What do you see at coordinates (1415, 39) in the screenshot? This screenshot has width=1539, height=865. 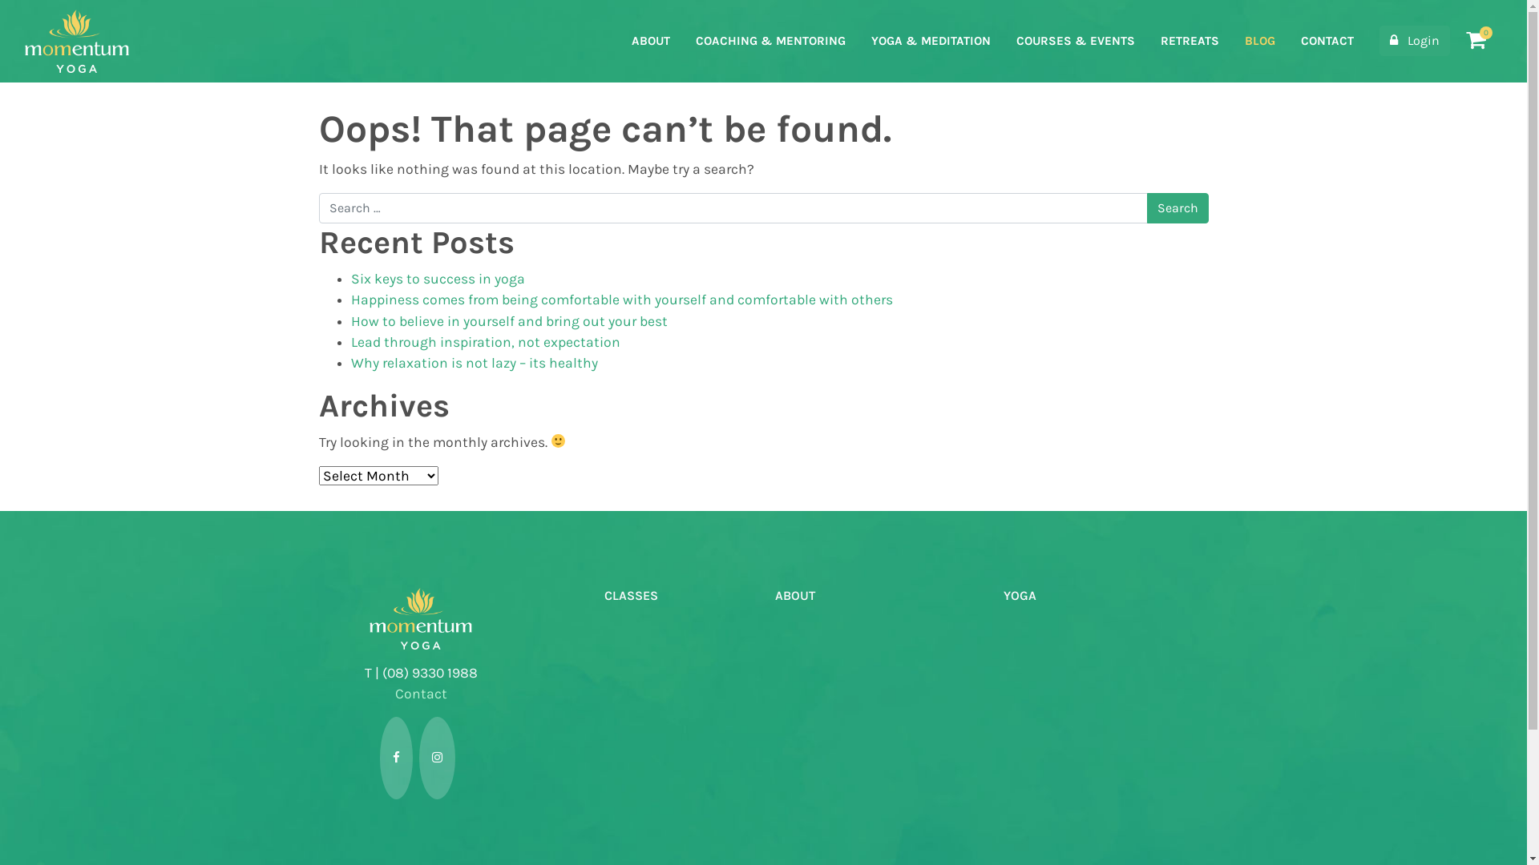 I see `'Login'` at bounding box center [1415, 39].